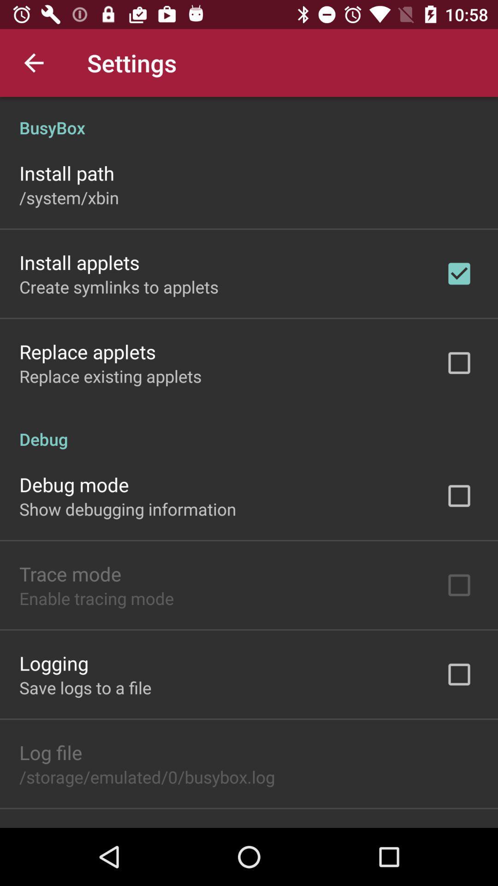  What do you see at coordinates (53, 662) in the screenshot?
I see `icon below enable tracing mode` at bounding box center [53, 662].